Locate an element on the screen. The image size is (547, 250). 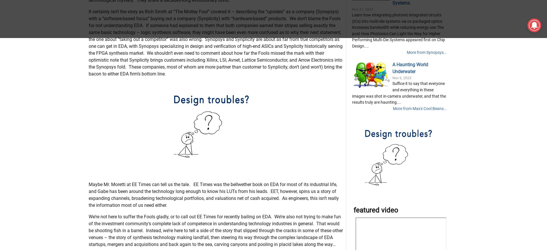
'It certainly isn’t the story as Rich Smith at “The Motley Fool” covered it – describing the “upsides” as a company (Synopsys) with a “software-based focus” buying out a company (Synplicity) with “hardware-based” products.  We don’t blame the Fools for not understanding EDA.  If someone had explained to them that both companies earned their stripes selling exactly the same basic technology – logic synthesis software, they might have been even more confused as to why their next statement, the one about “taking out a competitor” was also wrong.  Synopsys and Synplicity are about as far from true competitors as one can get in EDA, with Synopsys specializing in design and verification of high-end ASICs and Synplicity historically serving the FPGA synthesis market.  We shouldn’t even need to comment about how far the Fools missed the mark with their optimistic note that Synplicity brings customers including Xilinx, LSI, Avnet, Lattice Semiconductor, and Arrow Electronics into the Synopsys fold.  These companies, most of whom are more partner than customer to Synplicity, don’t (and won’t) bring the bacon to either EDA firm’s bottom line.' is located at coordinates (215, 71).